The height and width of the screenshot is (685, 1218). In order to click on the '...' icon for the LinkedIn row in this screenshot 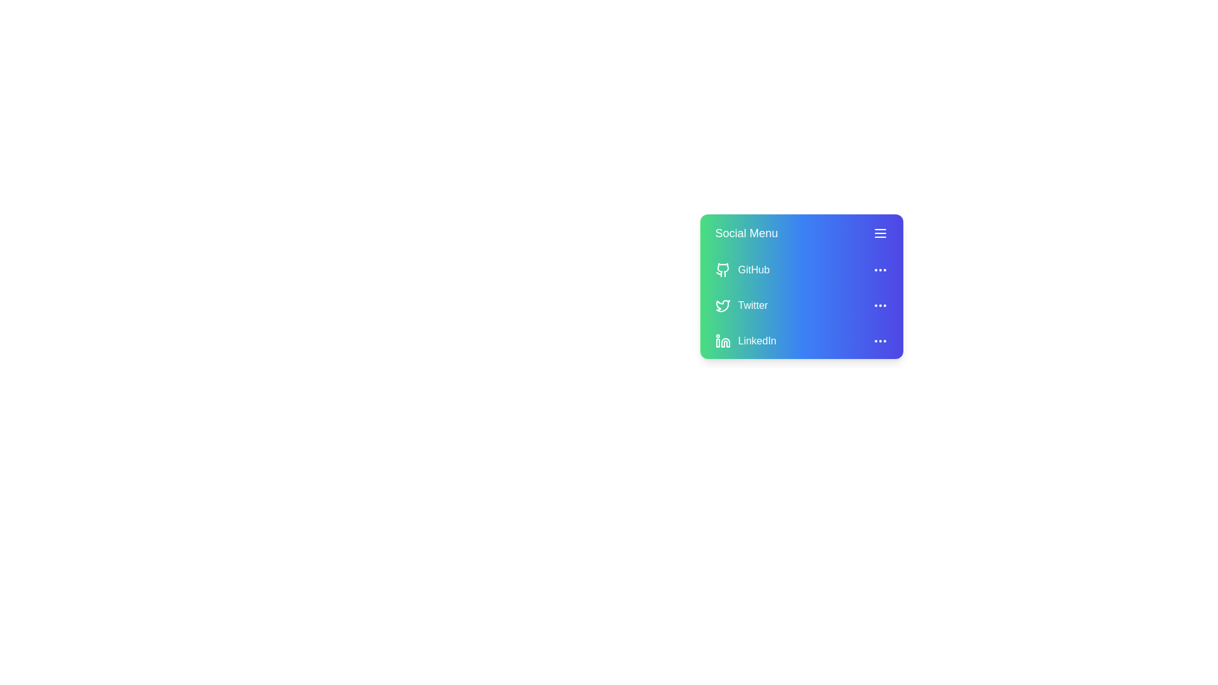, I will do `click(879, 340)`.